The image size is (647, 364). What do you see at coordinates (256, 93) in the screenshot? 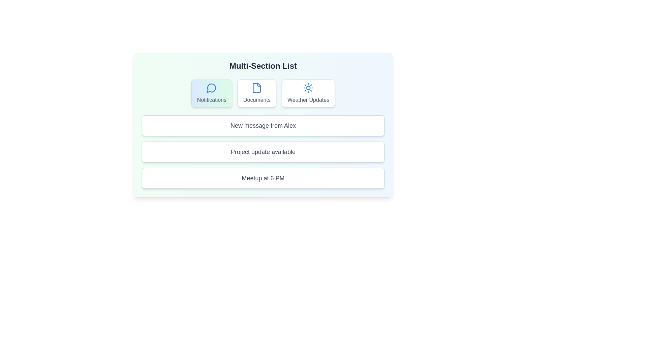
I see `the section or item labeled Documents to observe its hover effect` at bounding box center [256, 93].